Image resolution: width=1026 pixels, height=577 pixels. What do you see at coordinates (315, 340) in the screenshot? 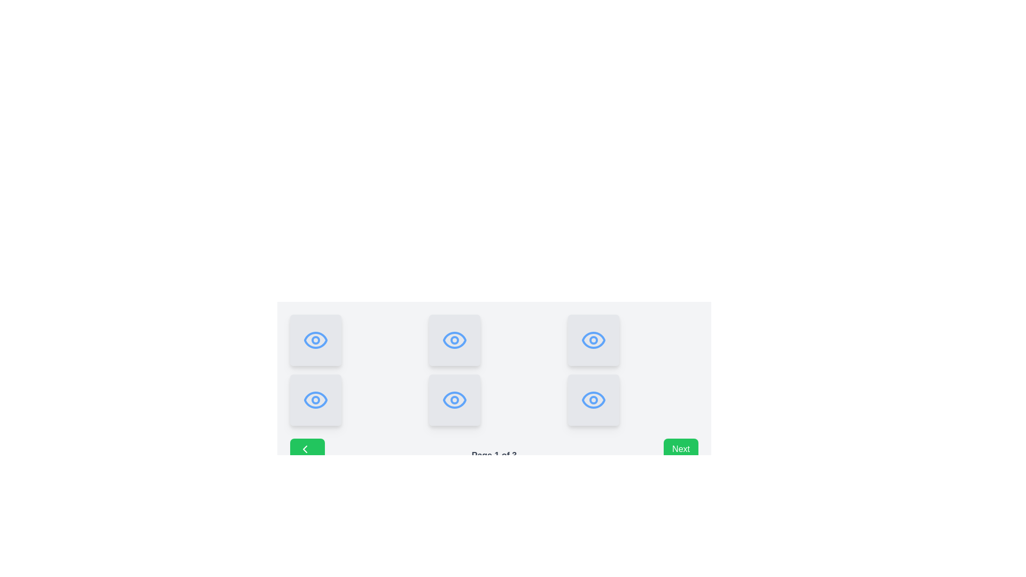
I see `the SVG circle element at the center of the eye icon located in the top-left corner of the grid layout for visual attention` at bounding box center [315, 340].